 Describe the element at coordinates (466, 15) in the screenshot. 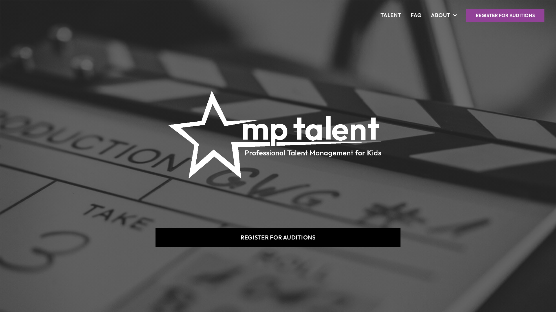

I see `'REGISTER FOR AUDITIONS'` at that location.